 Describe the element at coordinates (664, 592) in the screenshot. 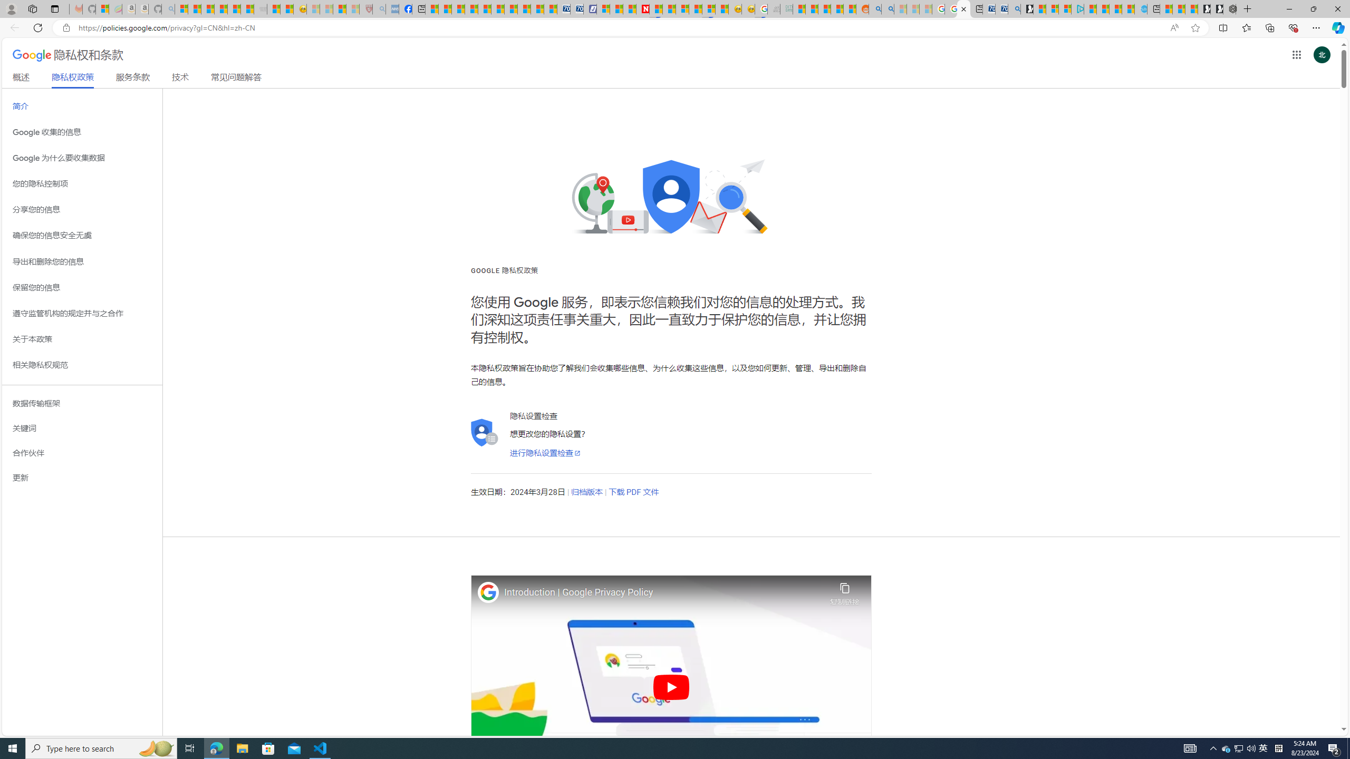

I see `'Introduction | Google Privacy Policy'` at that location.